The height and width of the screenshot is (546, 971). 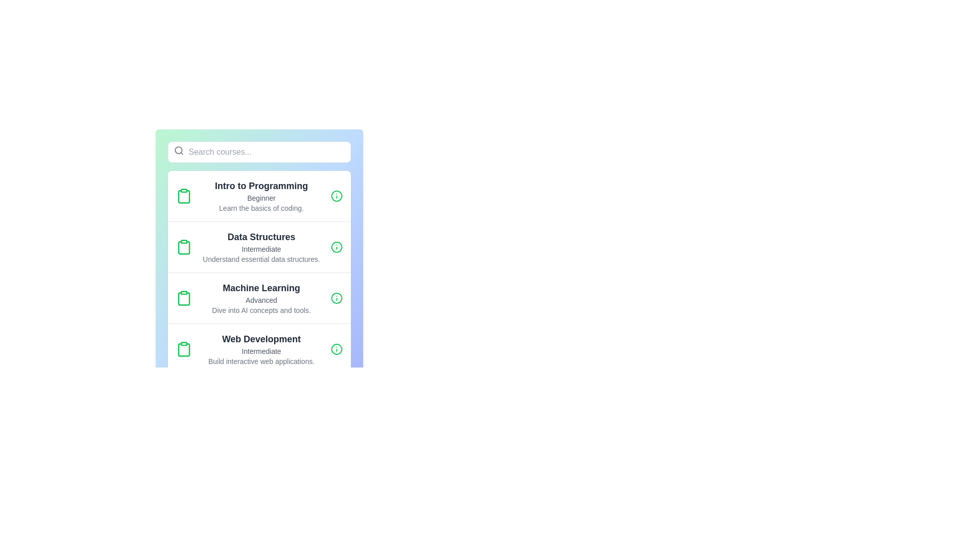 What do you see at coordinates (259, 297) in the screenshot?
I see `the interactive region of the Card component that presents an advanced course on machine learning, which is the third card in a vertical list of four items` at bounding box center [259, 297].